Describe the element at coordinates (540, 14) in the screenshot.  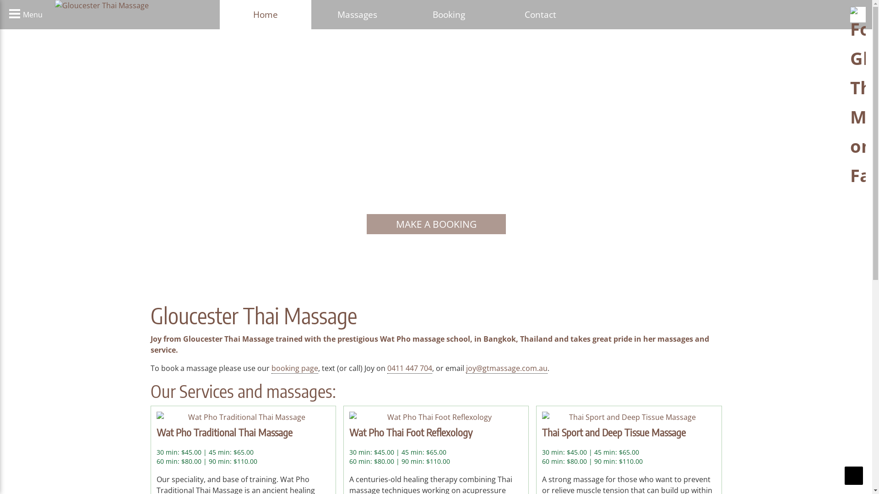
I see `'Contact'` at that location.